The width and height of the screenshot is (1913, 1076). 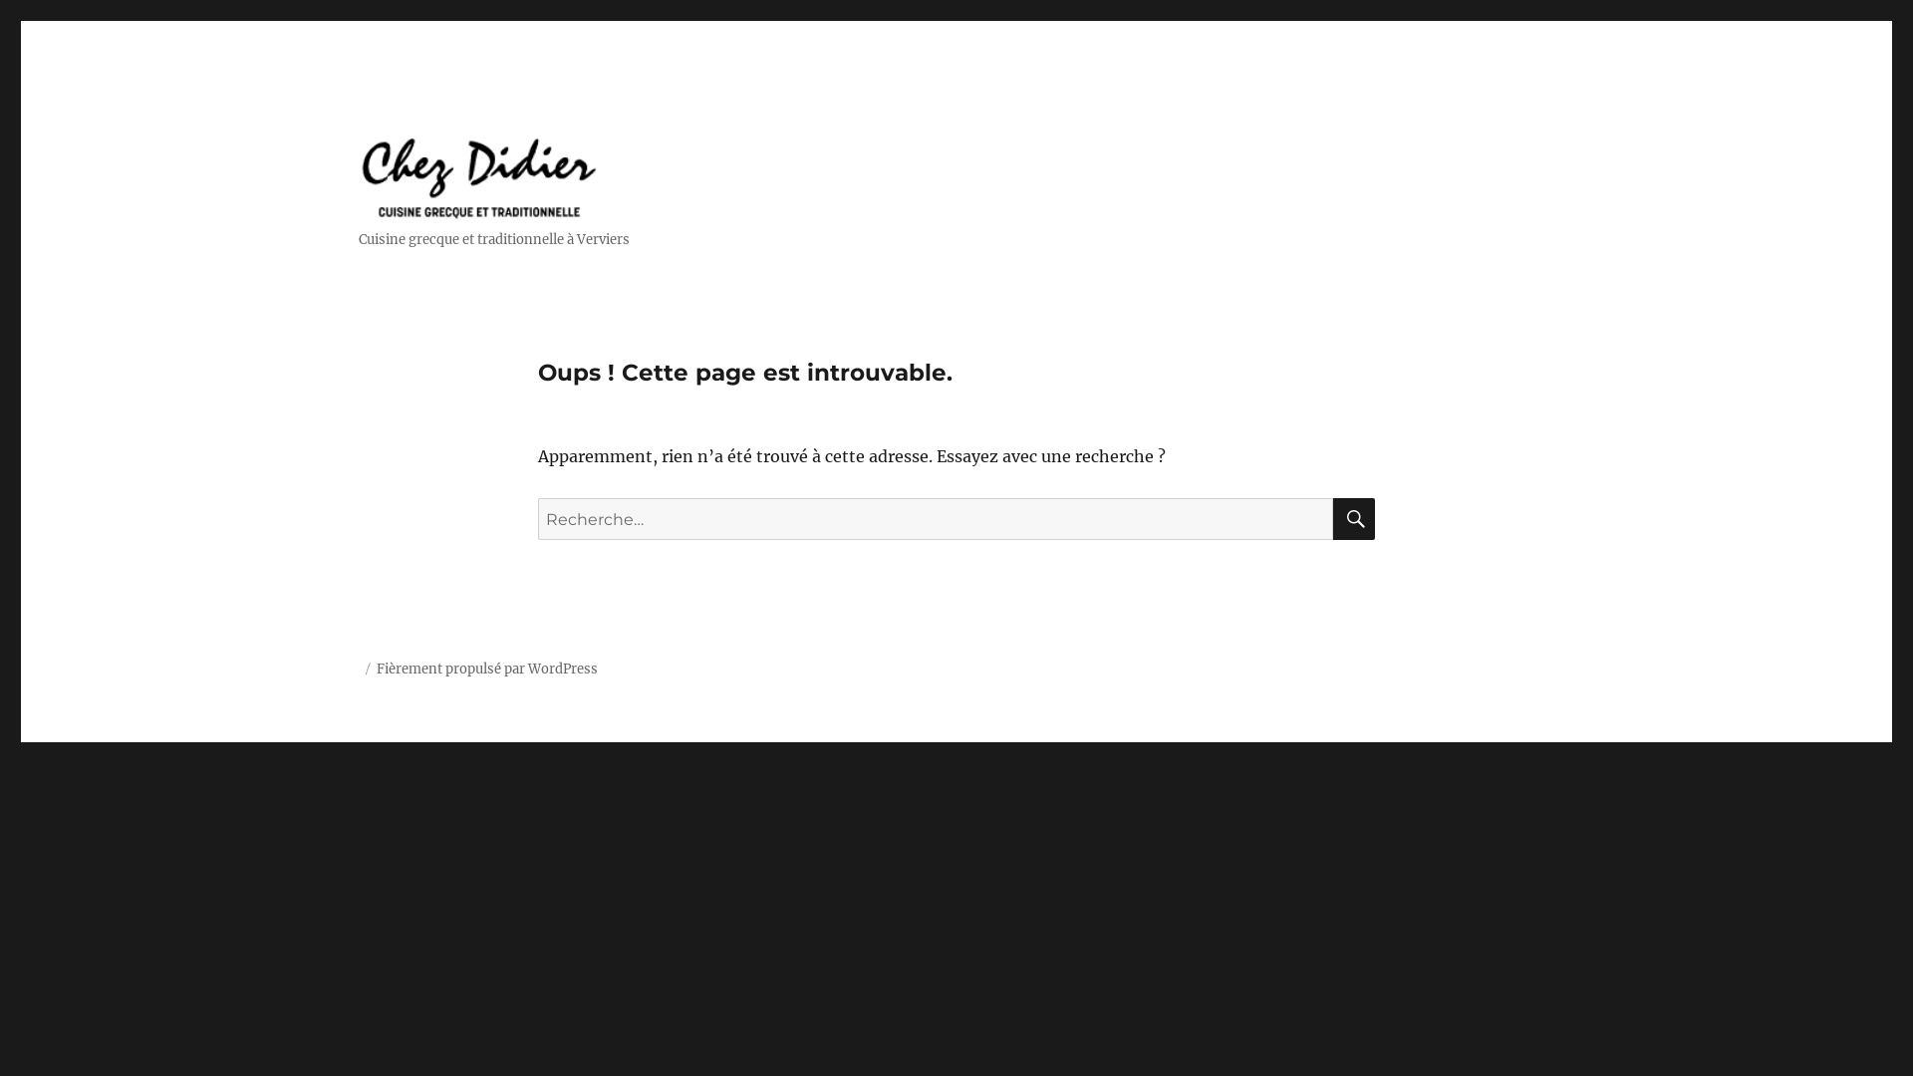 What do you see at coordinates (1333, 517) in the screenshot?
I see `'RECHERCHE'` at bounding box center [1333, 517].